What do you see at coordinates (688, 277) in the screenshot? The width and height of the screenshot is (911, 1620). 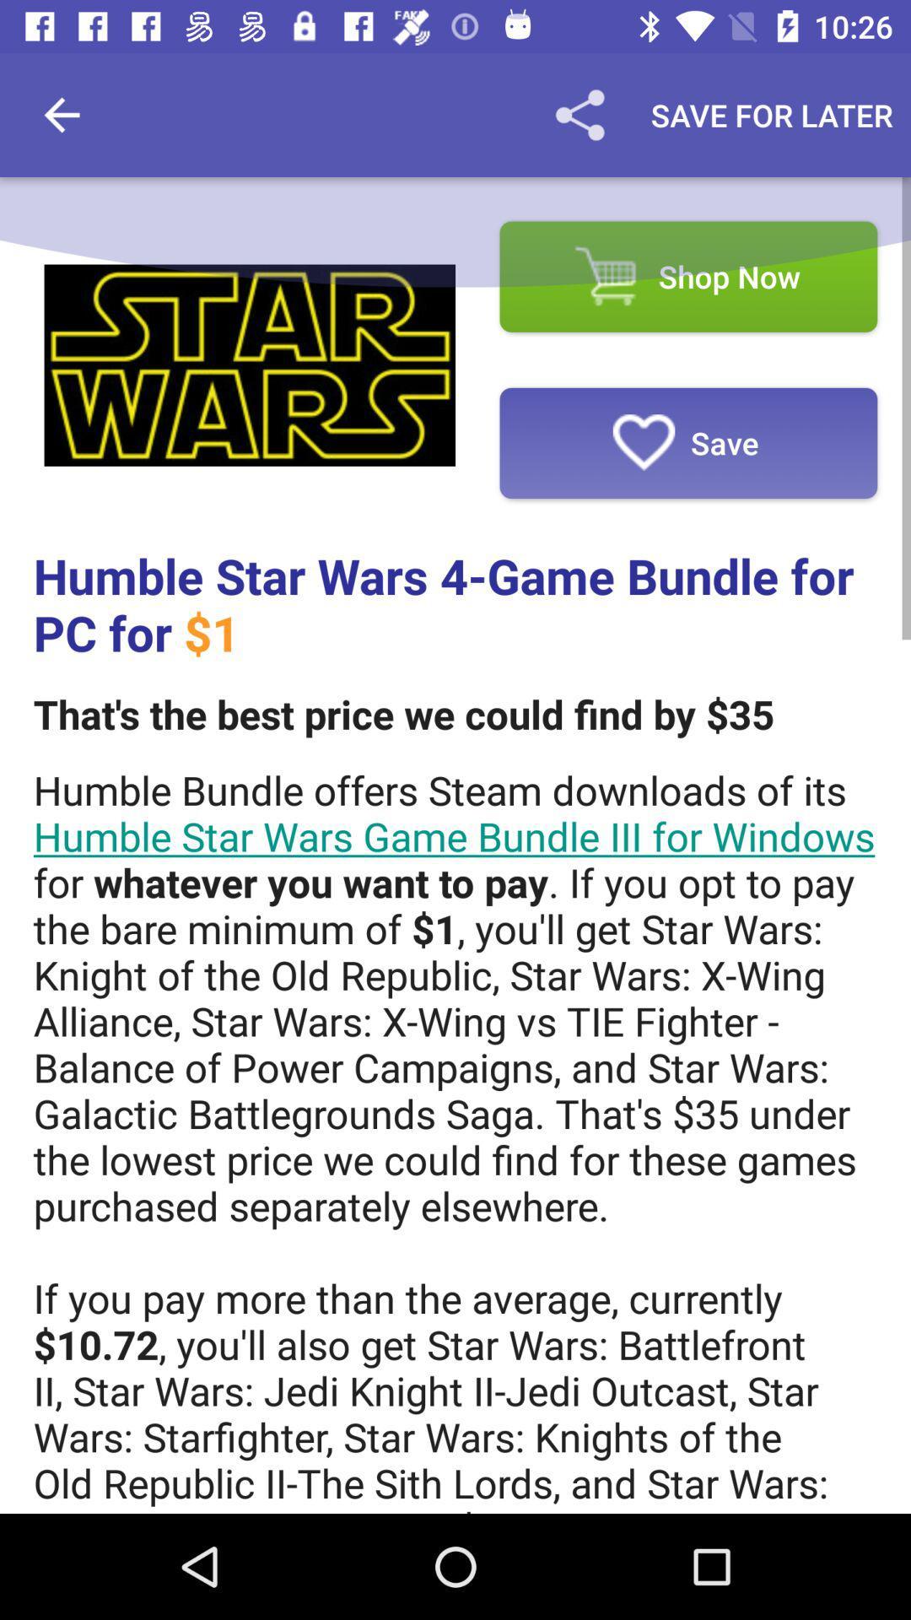 I see `the shop now item` at bounding box center [688, 277].